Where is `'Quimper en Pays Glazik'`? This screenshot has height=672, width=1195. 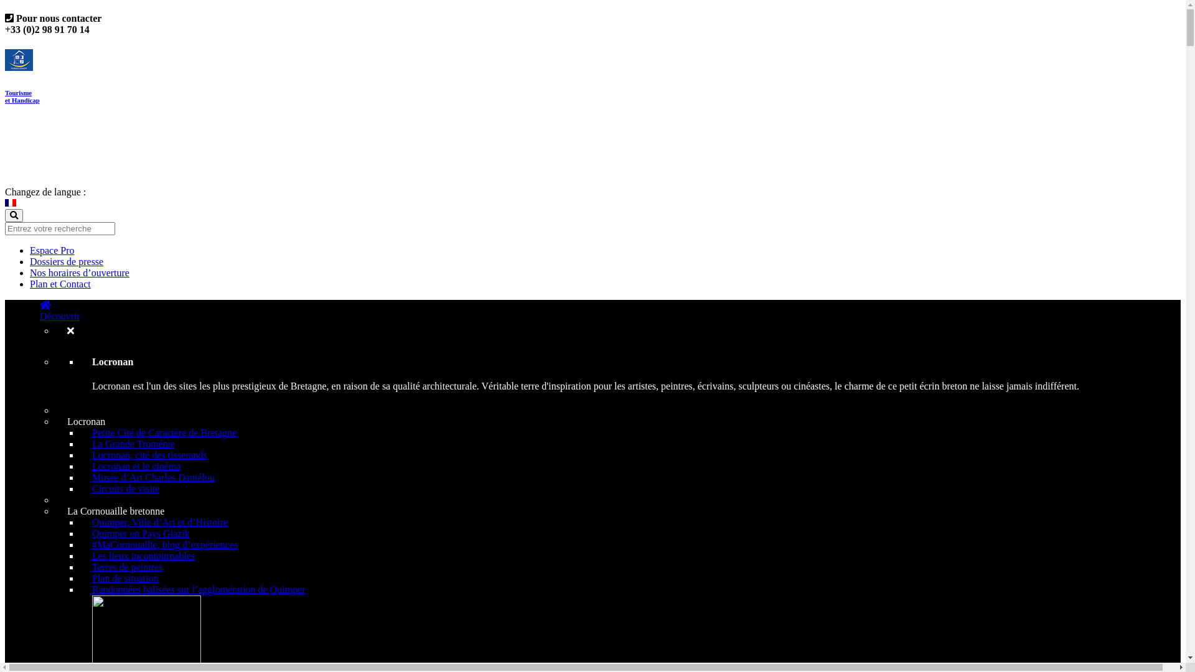
'Quimper en Pays Glazik' is located at coordinates (141, 533).